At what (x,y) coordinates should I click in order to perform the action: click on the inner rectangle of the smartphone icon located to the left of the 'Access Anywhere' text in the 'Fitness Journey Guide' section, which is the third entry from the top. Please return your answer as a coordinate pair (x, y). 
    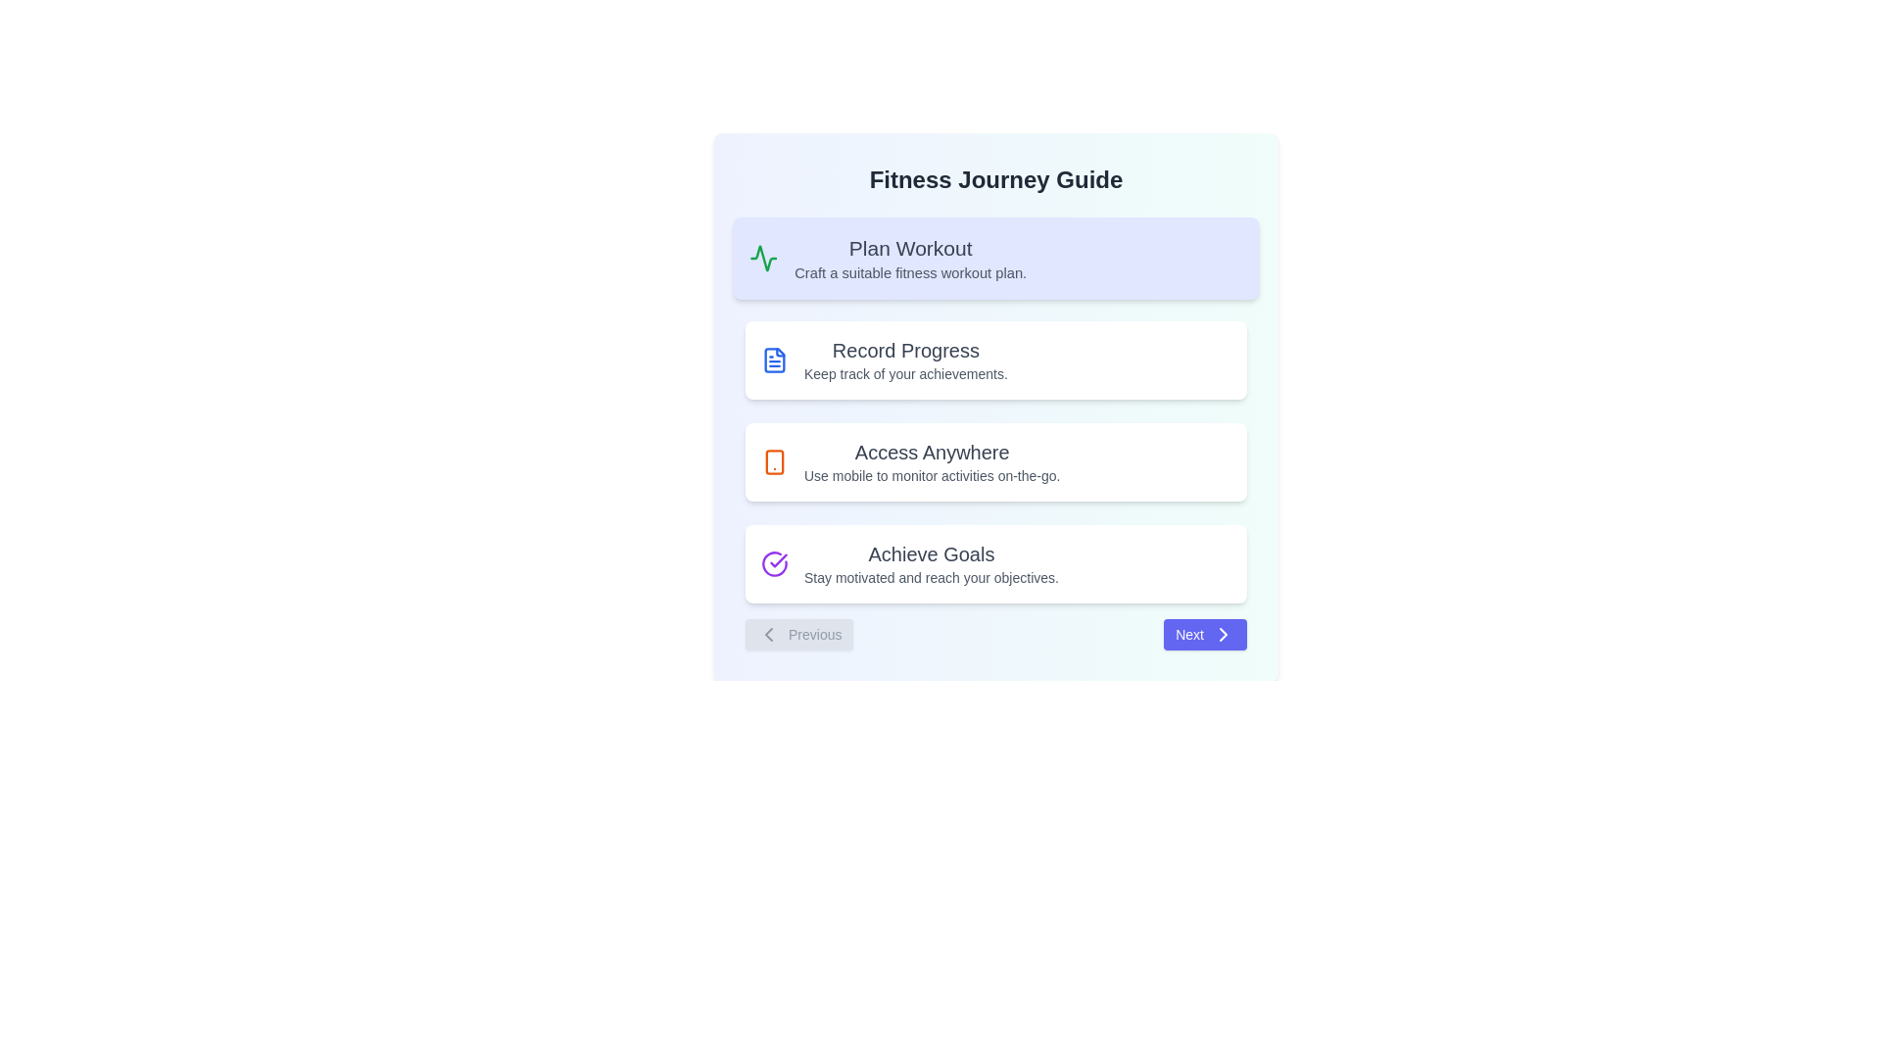
    Looking at the image, I should click on (774, 461).